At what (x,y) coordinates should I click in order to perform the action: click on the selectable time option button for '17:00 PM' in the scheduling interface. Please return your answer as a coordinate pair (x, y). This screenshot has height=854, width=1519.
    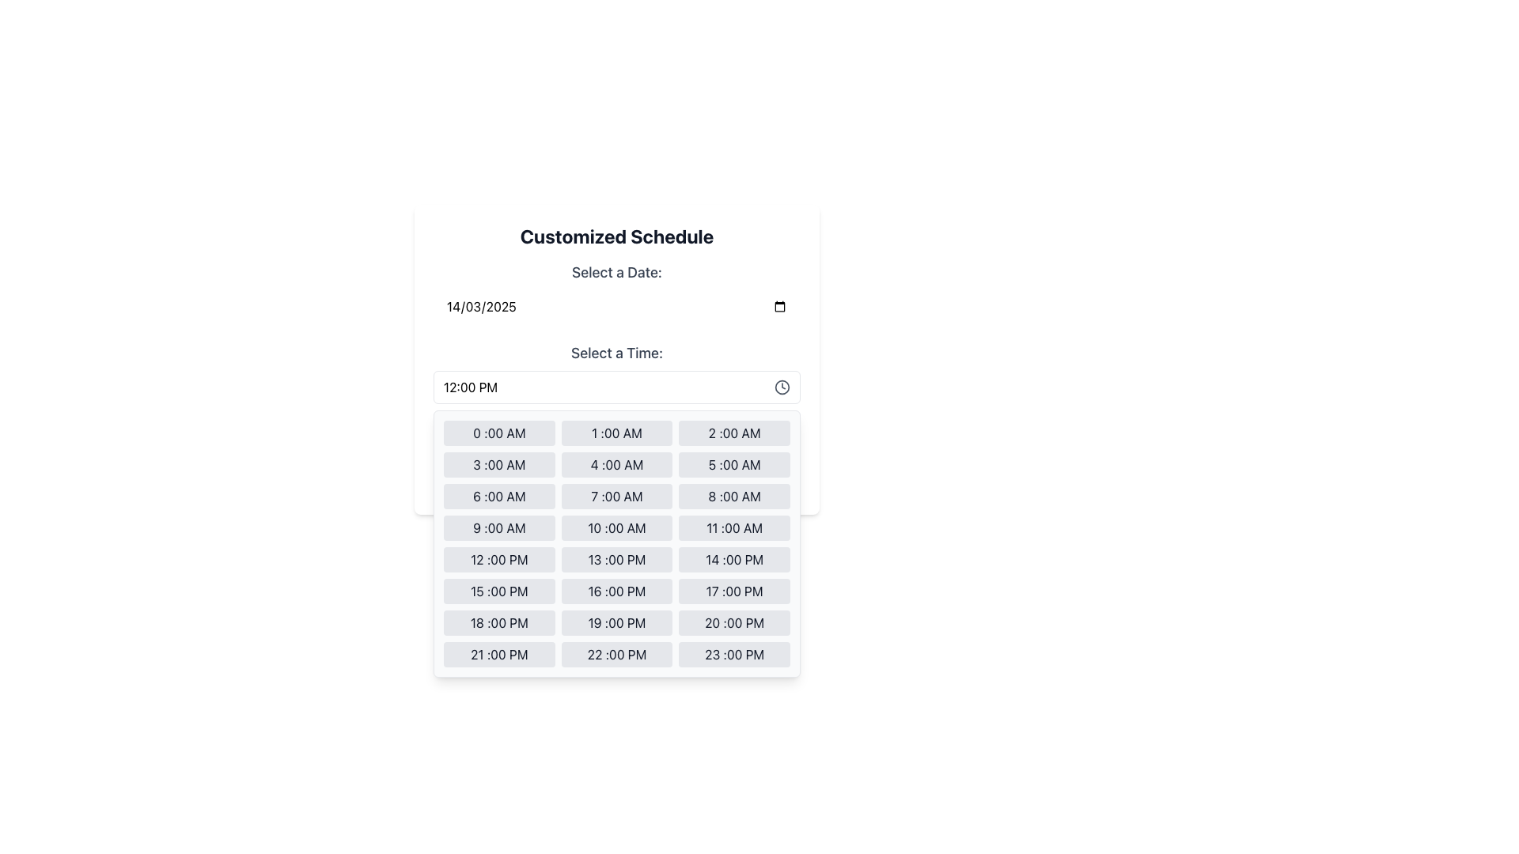
    Looking at the image, I should click on (733, 591).